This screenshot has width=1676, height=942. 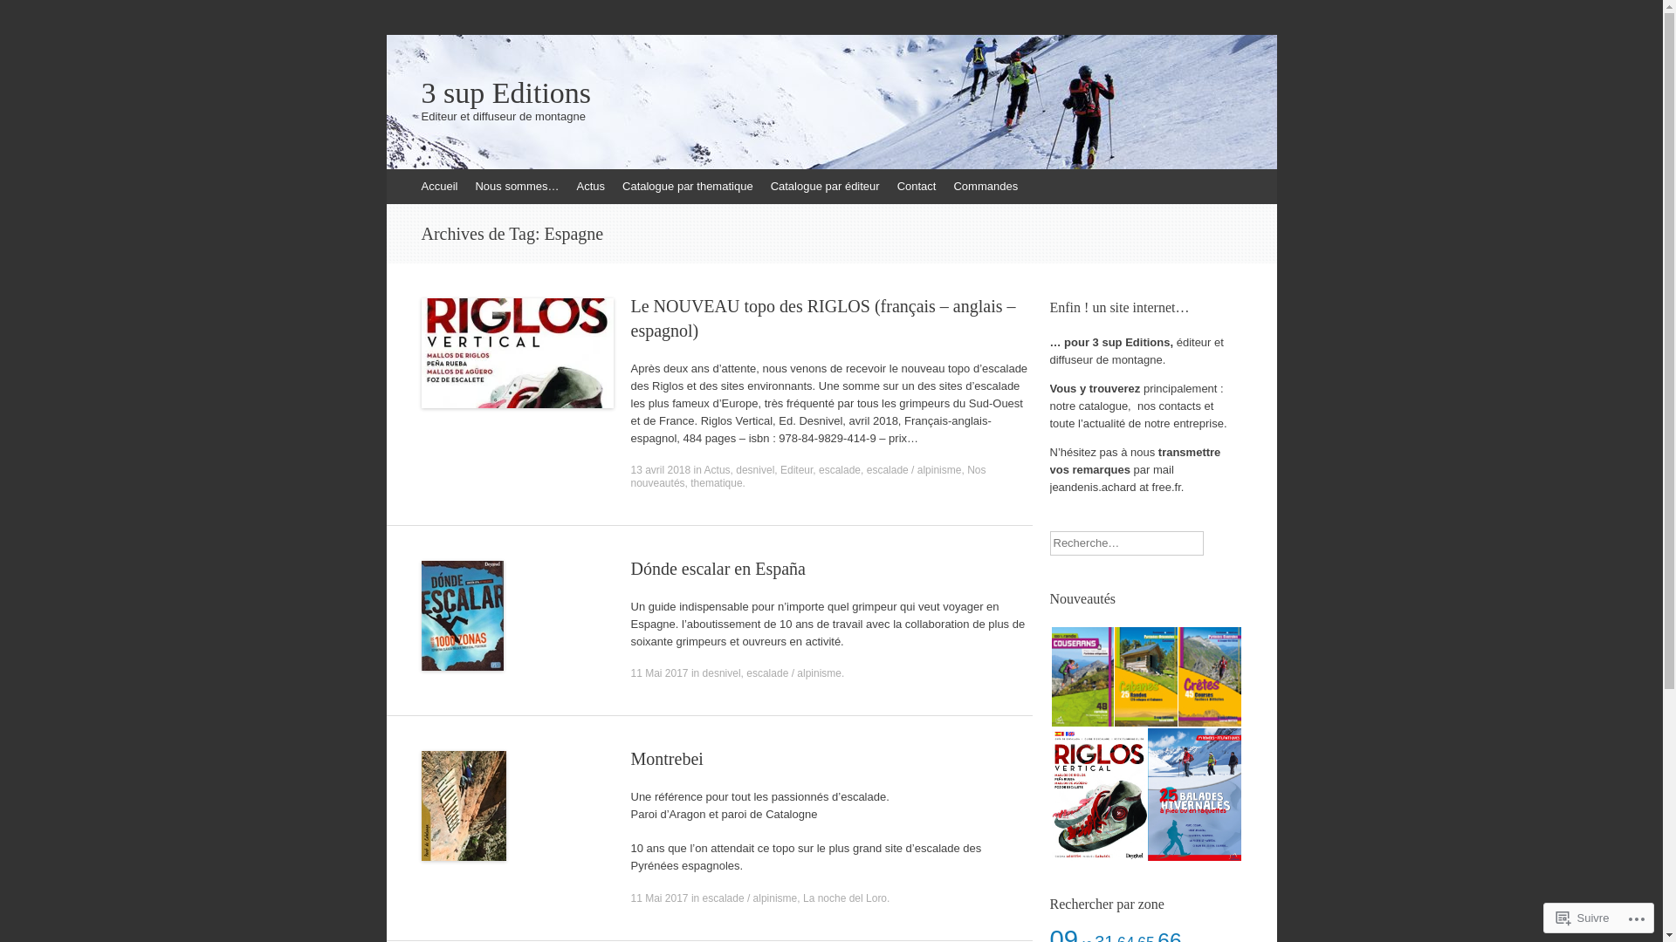 What do you see at coordinates (659, 469) in the screenshot?
I see `'13 avril 2018'` at bounding box center [659, 469].